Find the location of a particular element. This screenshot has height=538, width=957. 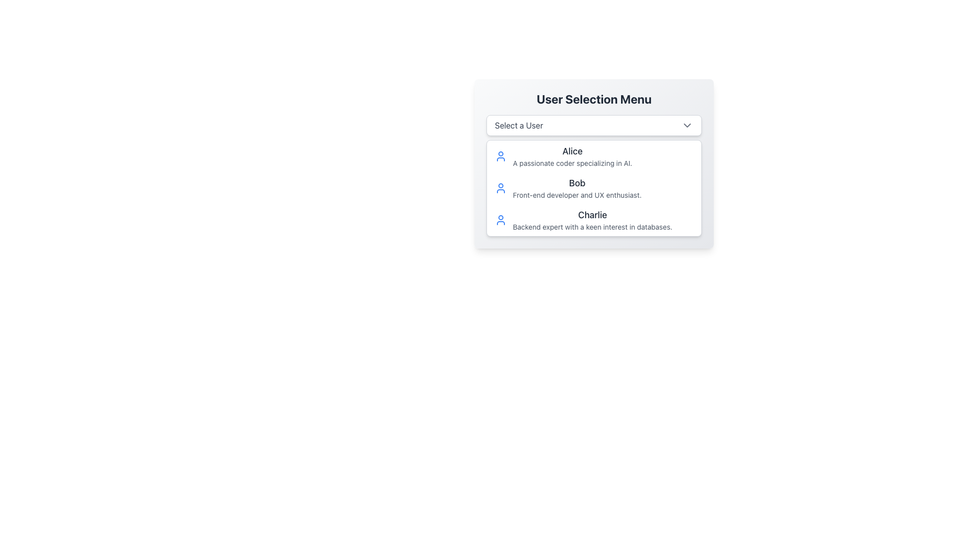

the dropdown menu icon located on the far-right side of the 'Select a User' dropdown selection box with rounded corners and a gray border is located at coordinates (686, 125).